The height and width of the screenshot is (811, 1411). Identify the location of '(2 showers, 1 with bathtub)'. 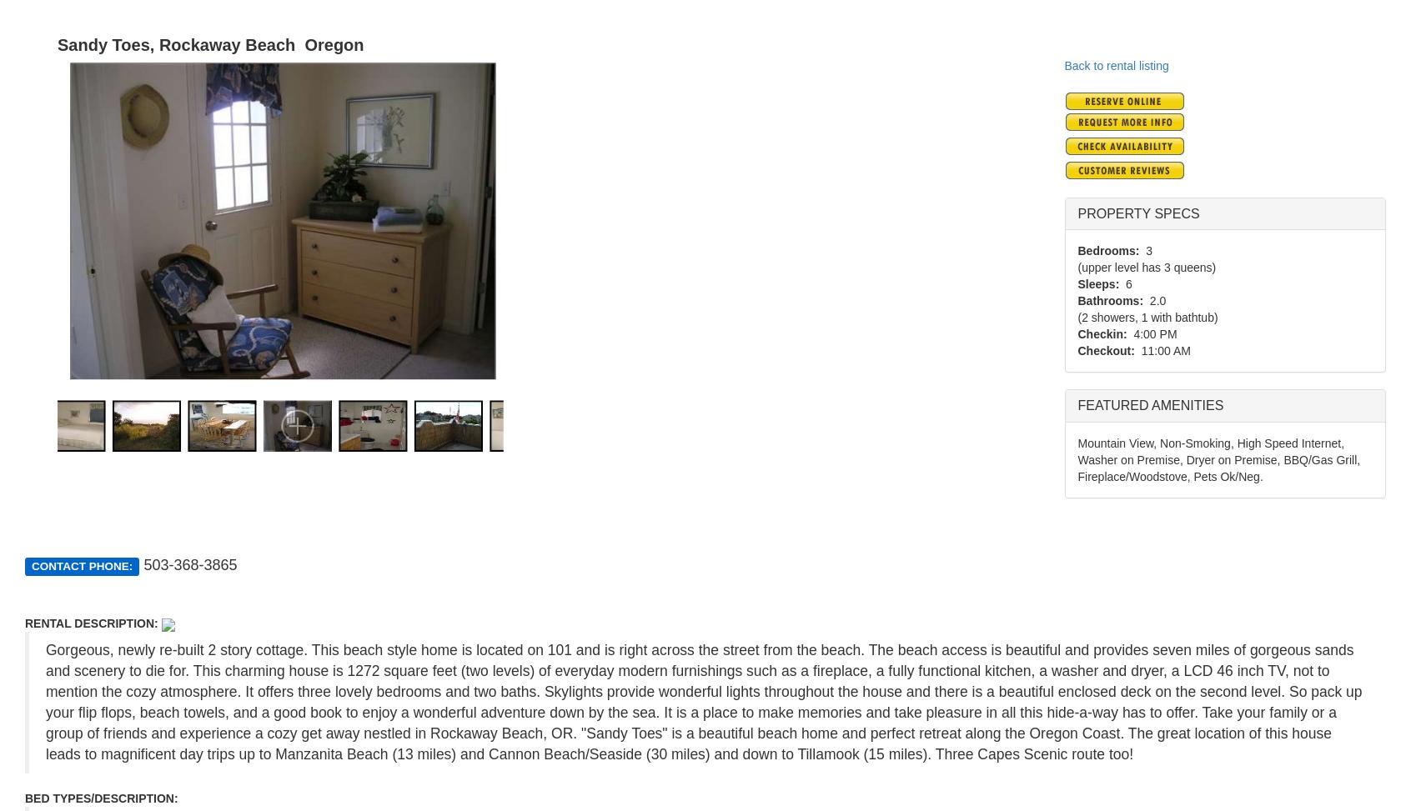
(1147, 317).